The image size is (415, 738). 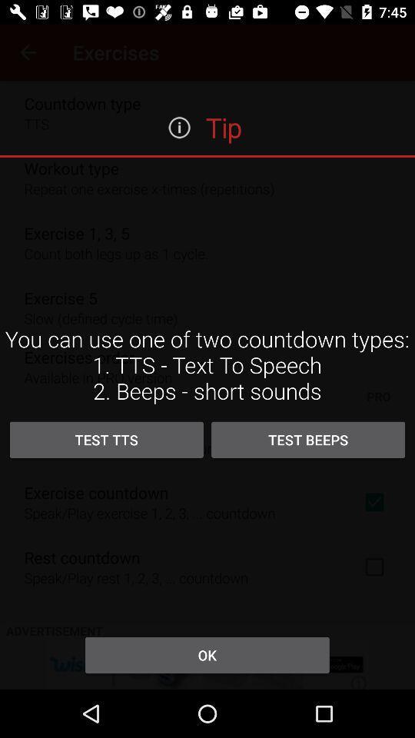 What do you see at coordinates (207, 654) in the screenshot?
I see `ok` at bounding box center [207, 654].